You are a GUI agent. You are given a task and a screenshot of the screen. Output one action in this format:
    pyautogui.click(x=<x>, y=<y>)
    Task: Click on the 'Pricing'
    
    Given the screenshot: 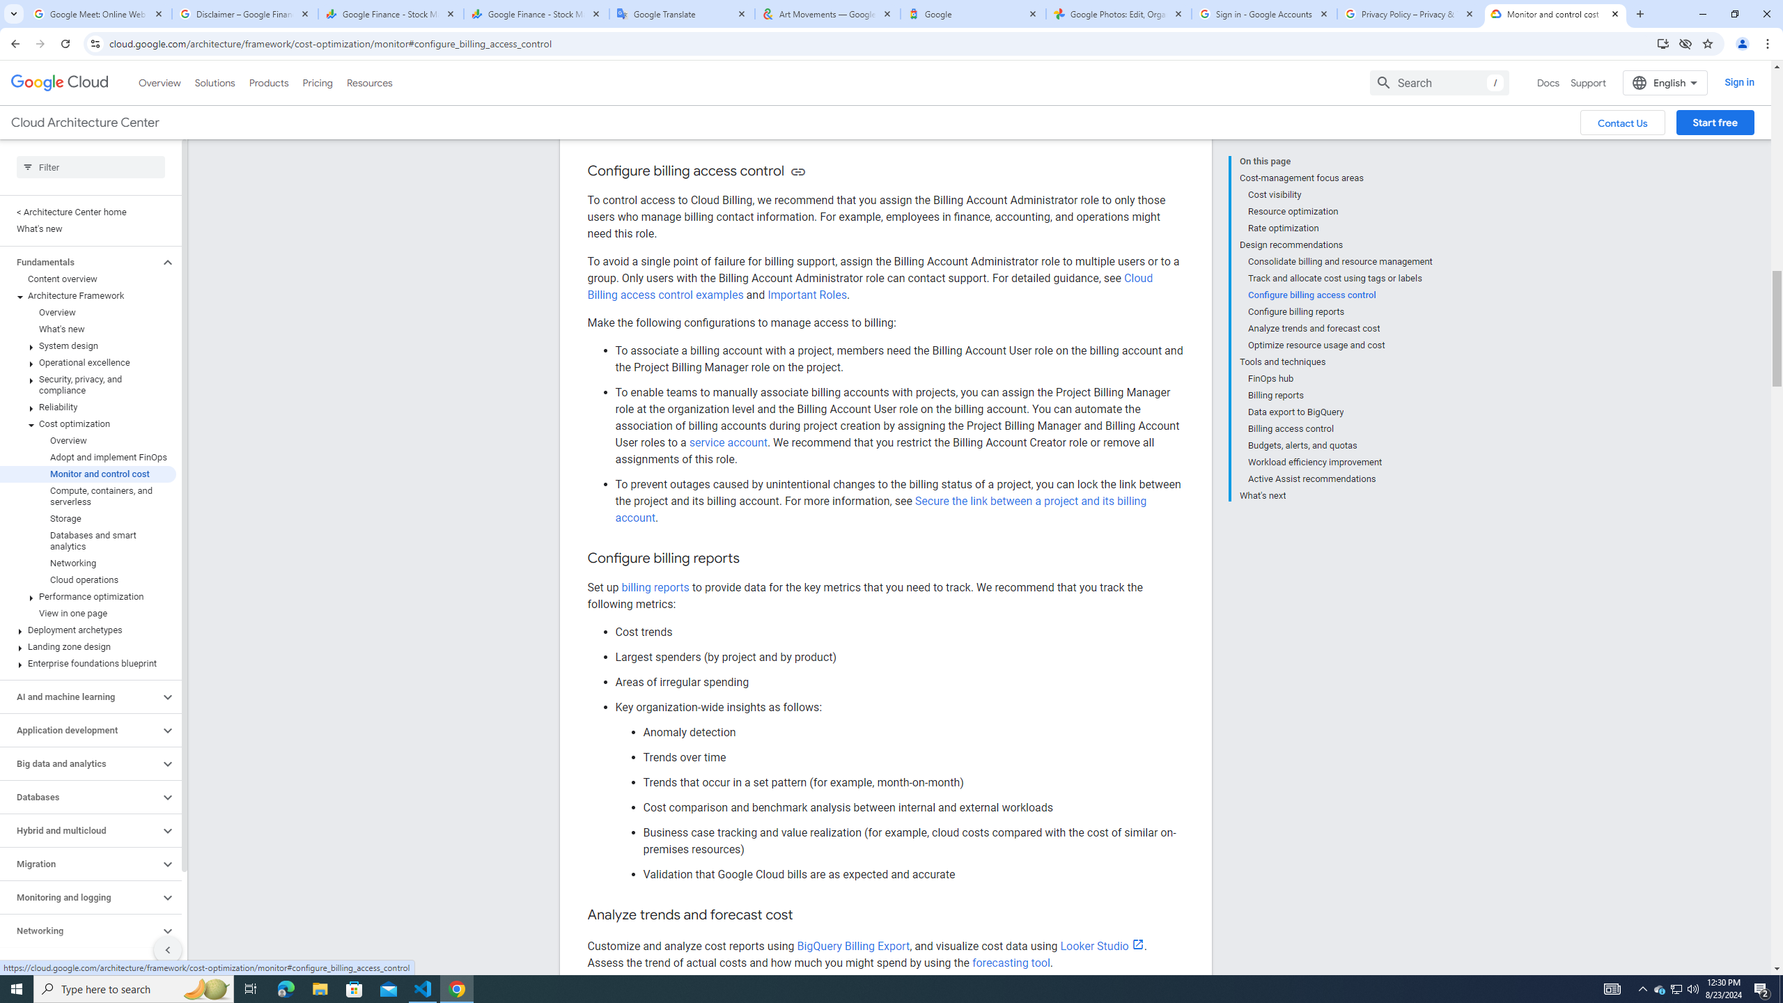 What is the action you would take?
    pyautogui.click(x=318, y=82)
    